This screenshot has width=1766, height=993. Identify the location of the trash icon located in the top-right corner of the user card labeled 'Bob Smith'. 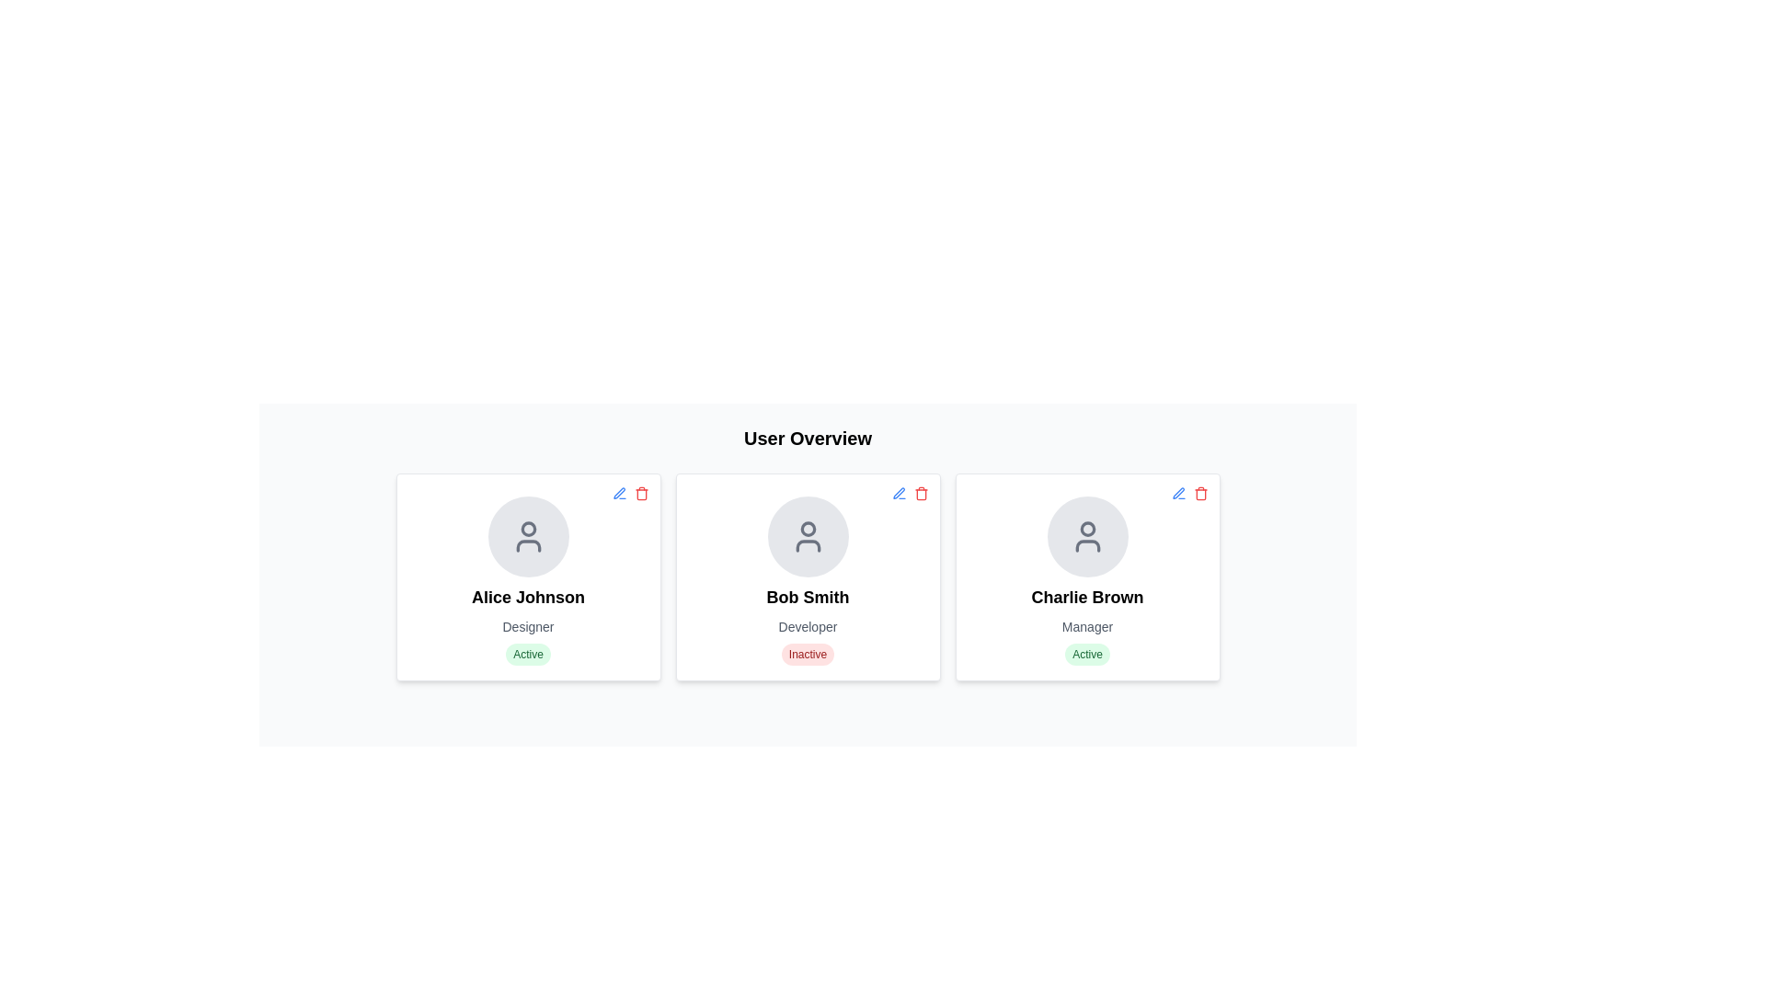
(921, 494).